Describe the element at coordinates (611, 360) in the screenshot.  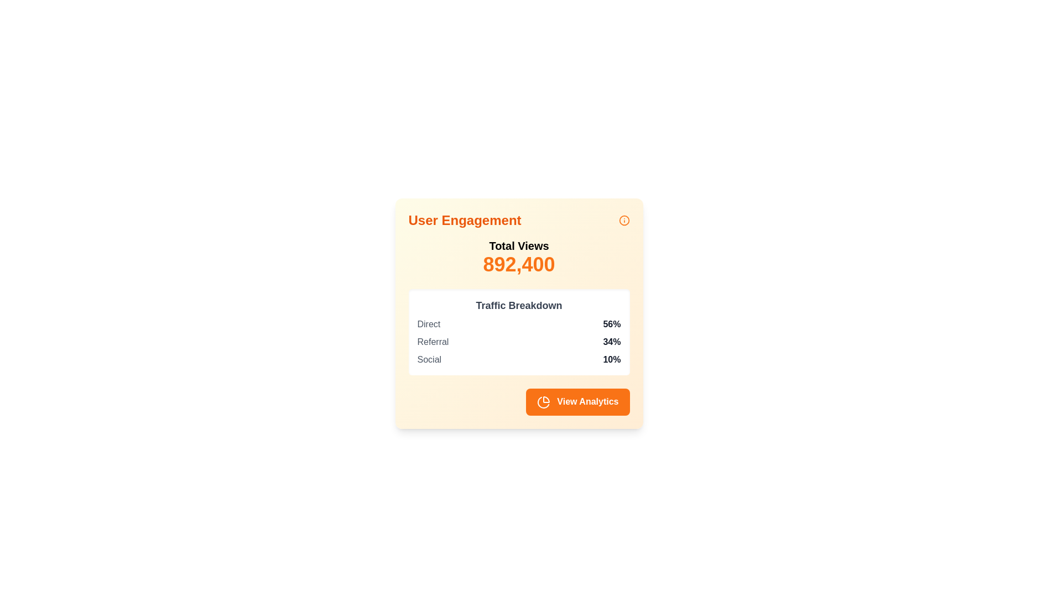
I see `the static text displaying '10%' which is bold, black-colored, and located to the immediate right of the label 'Social' in the 'Traffic Breakdown' section` at that location.